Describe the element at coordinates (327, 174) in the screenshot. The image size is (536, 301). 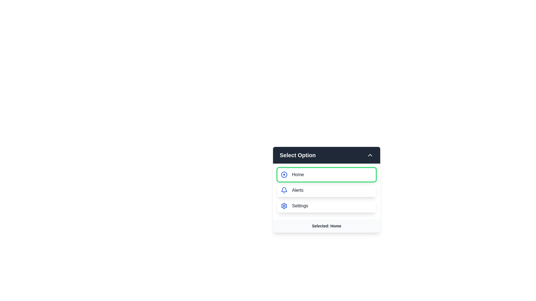
I see `the 'Home' button, which is the topmost button in the dropdown menu labeled 'Select Option'` at that location.